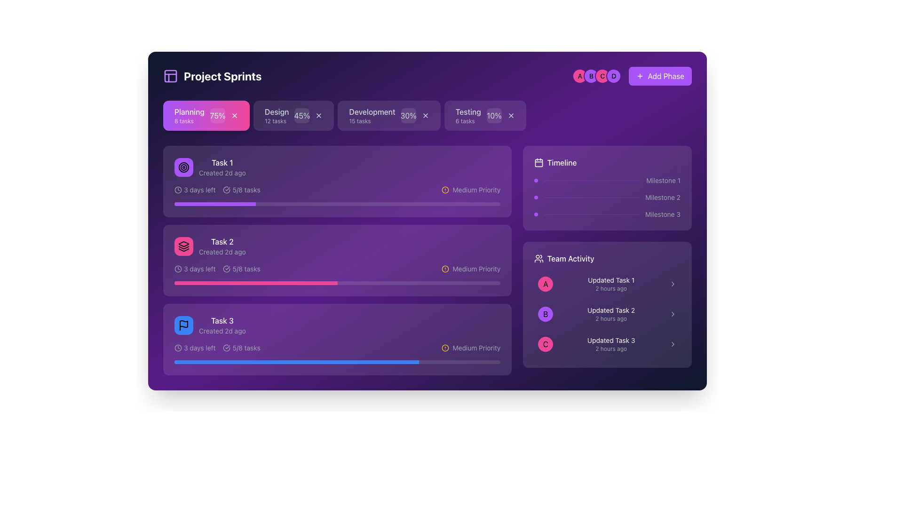  What do you see at coordinates (611, 310) in the screenshot?
I see `the text label displaying 'Updated Task 2' located in the 'Team Activity' section, which is visually distinct with a small white font on a dark purple background` at bounding box center [611, 310].